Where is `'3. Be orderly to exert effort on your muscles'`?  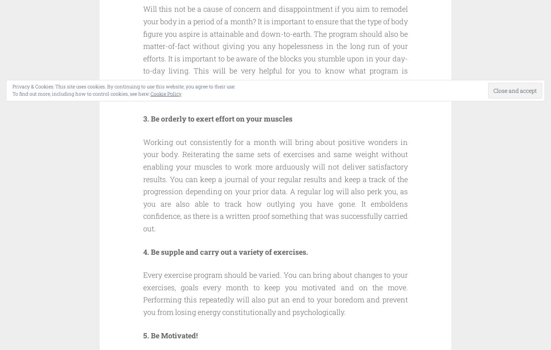
'3. Be orderly to exert effort on your muscles' is located at coordinates (217, 118).